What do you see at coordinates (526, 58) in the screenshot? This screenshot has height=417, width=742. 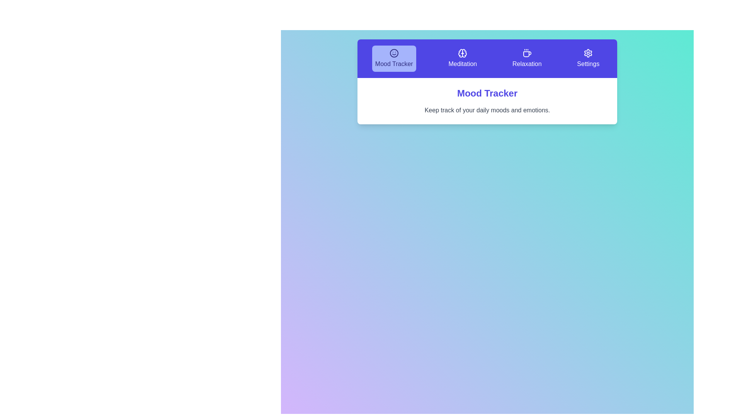 I see `the 'Relaxation' button with a coffee cup icon and purple background in the navigation bar` at bounding box center [526, 58].